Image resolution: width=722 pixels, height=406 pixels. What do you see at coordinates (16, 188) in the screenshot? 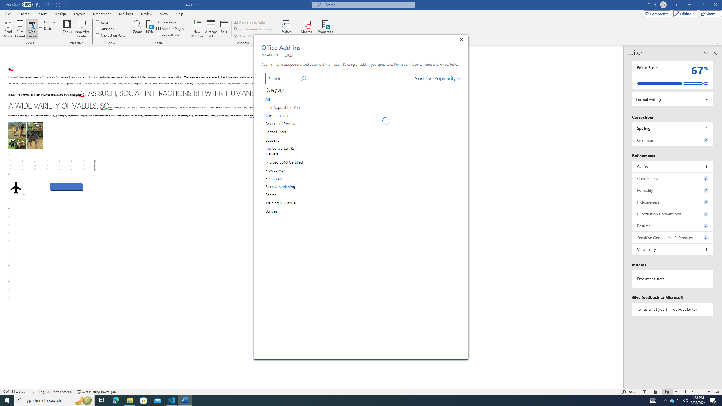
I see `'Airplane with solid fill'` at bounding box center [16, 188].